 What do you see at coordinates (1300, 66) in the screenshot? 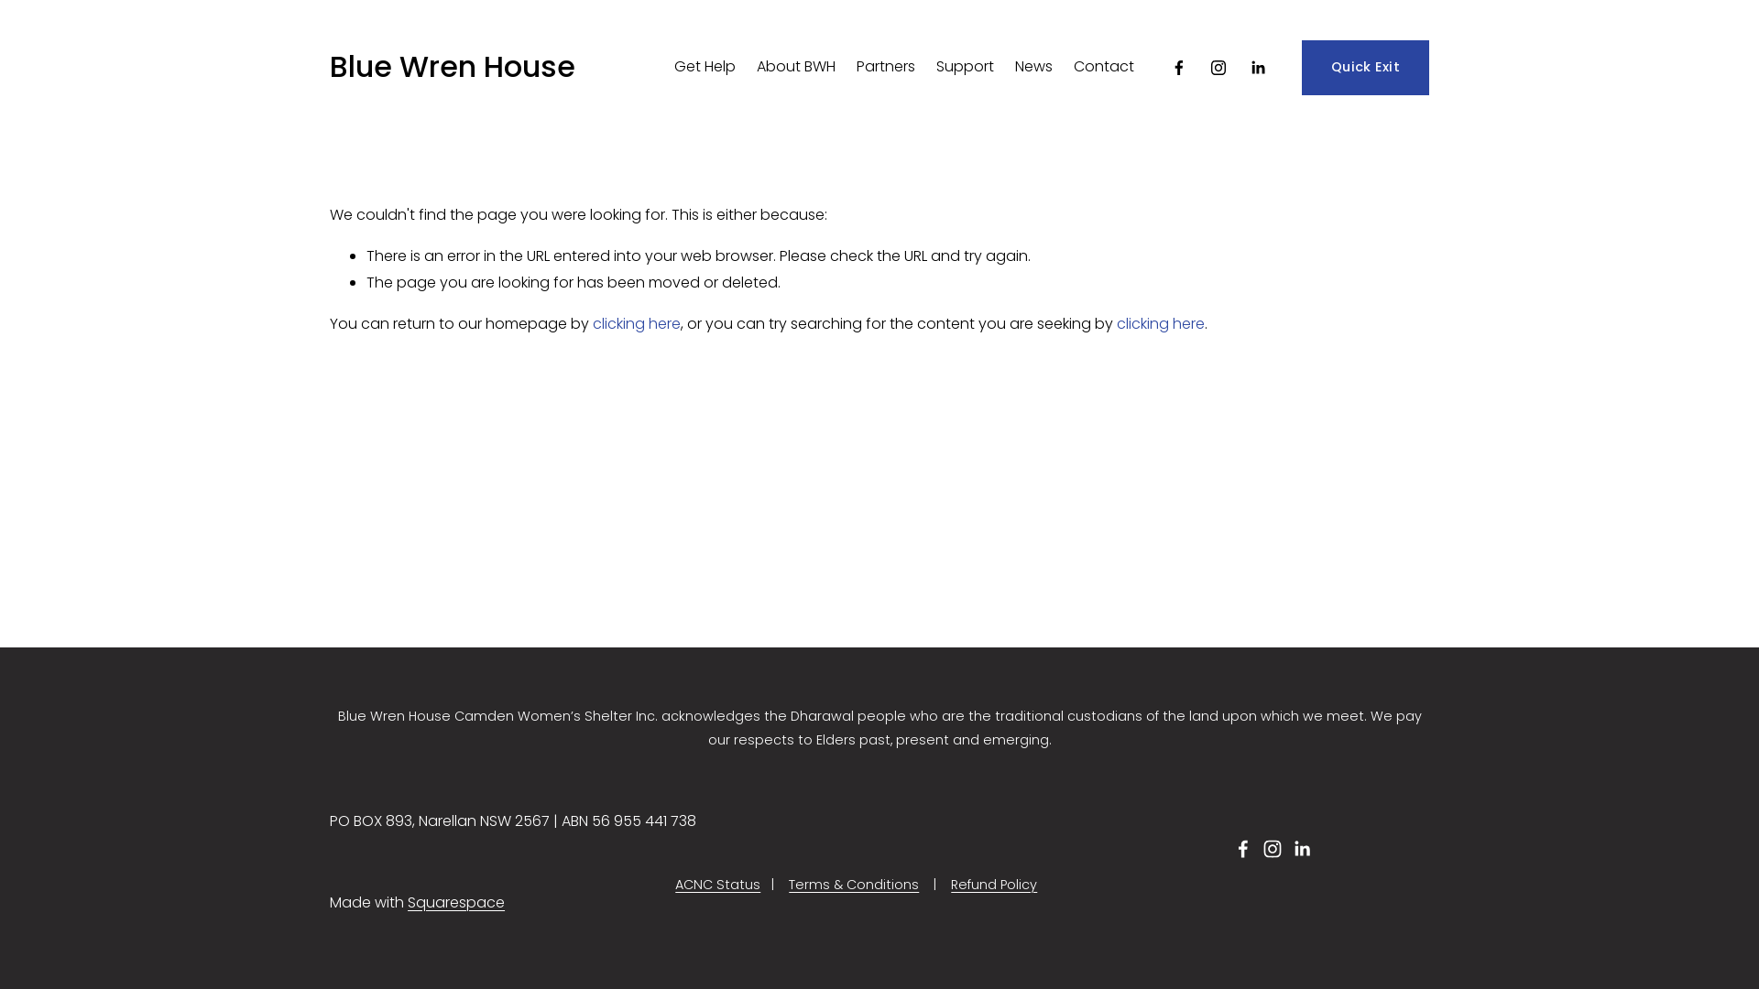
I see `'Quick Exit'` at bounding box center [1300, 66].